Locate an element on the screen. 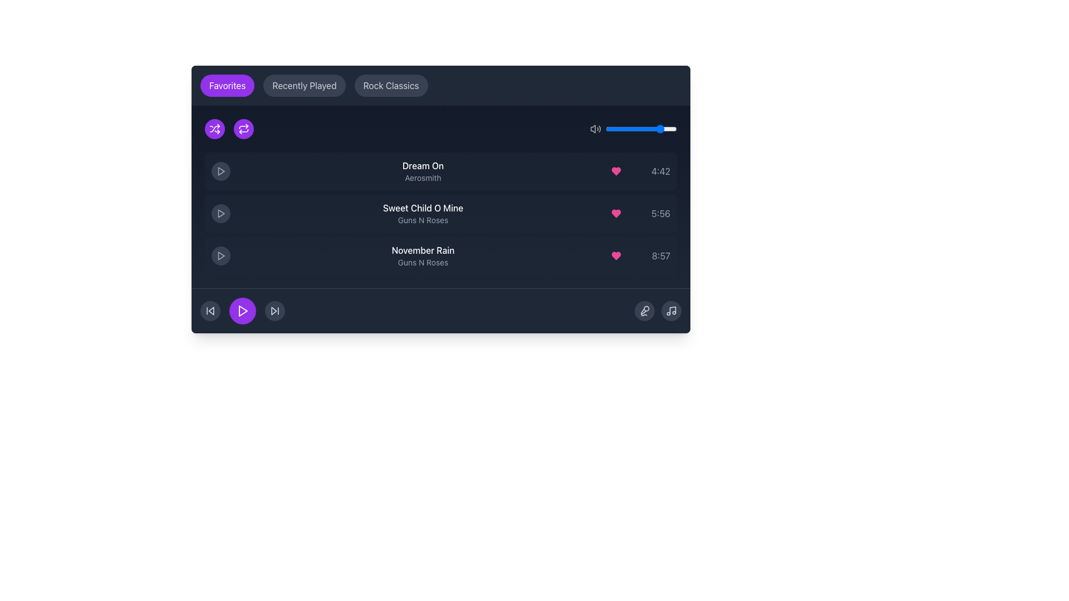 The width and height of the screenshot is (1069, 601). the triangular-shaped red play button icon located in the second row of the musical playlist interface is located at coordinates (221, 255).